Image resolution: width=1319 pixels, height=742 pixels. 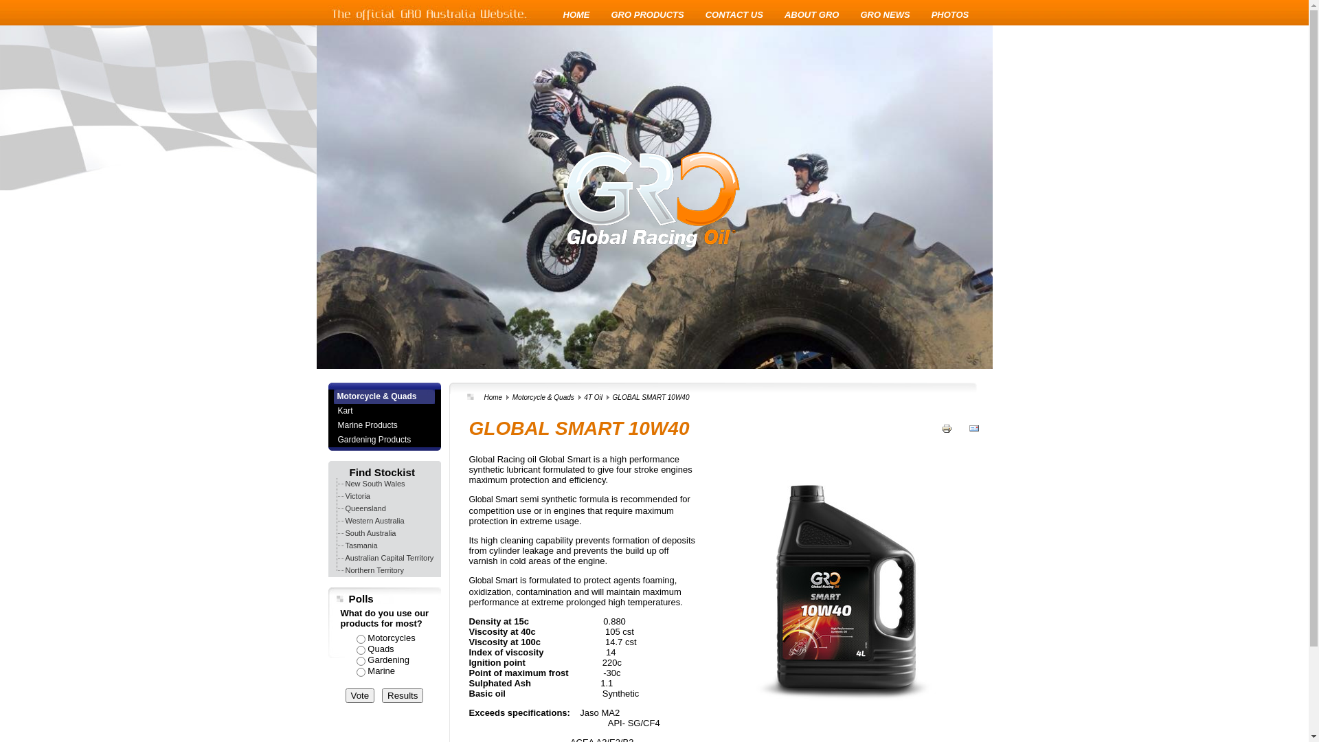 What do you see at coordinates (365, 508) in the screenshot?
I see `'Queensland'` at bounding box center [365, 508].